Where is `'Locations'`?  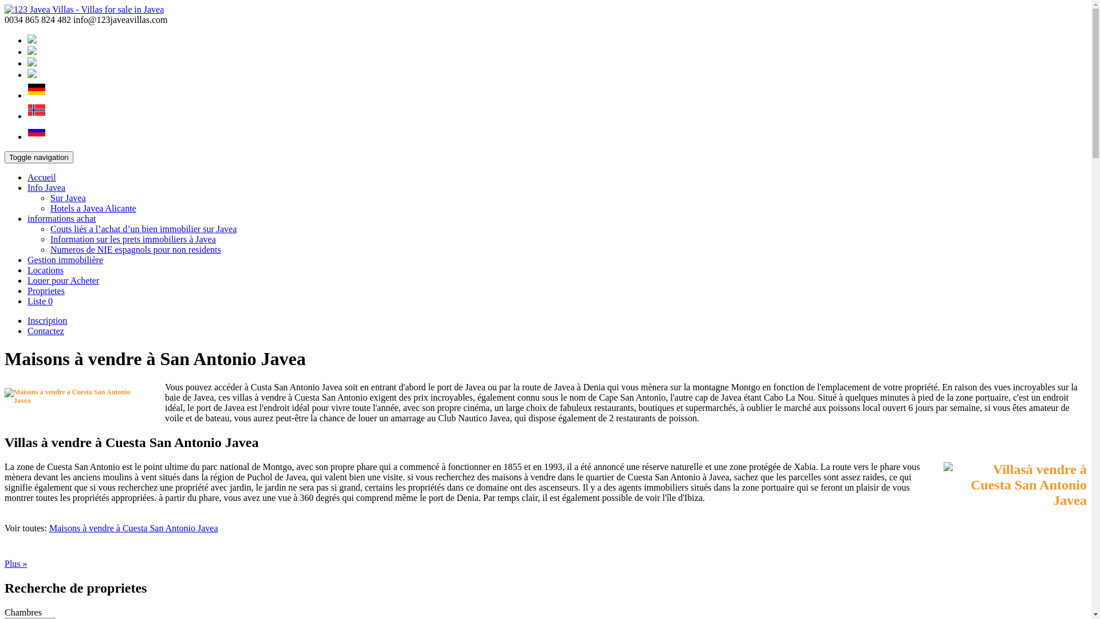 'Locations' is located at coordinates (45, 270).